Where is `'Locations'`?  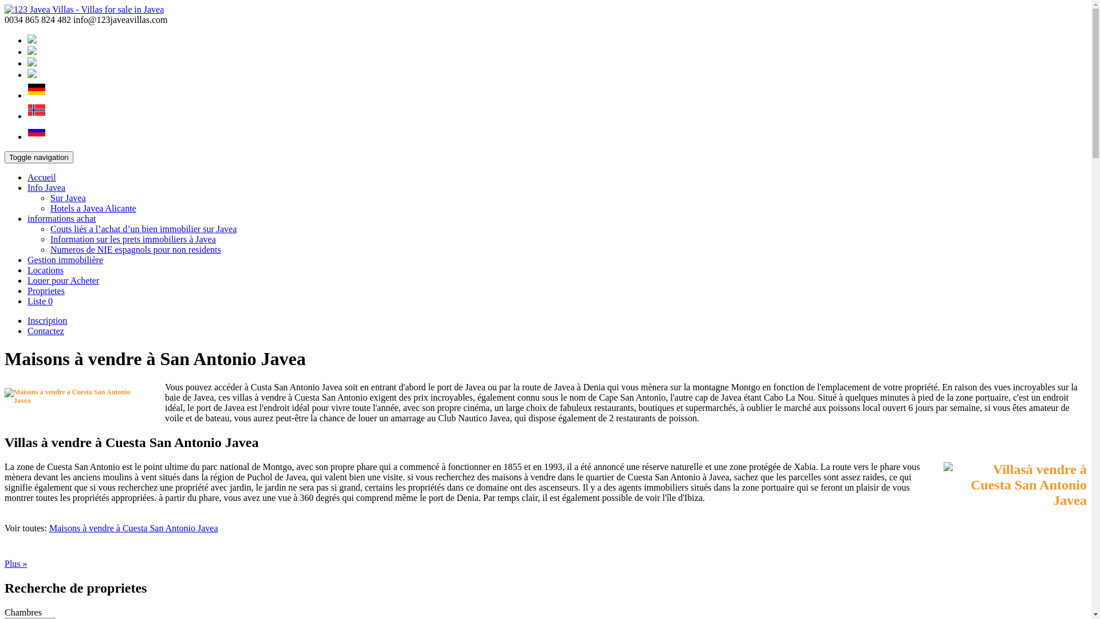 'Locations' is located at coordinates (45, 270).